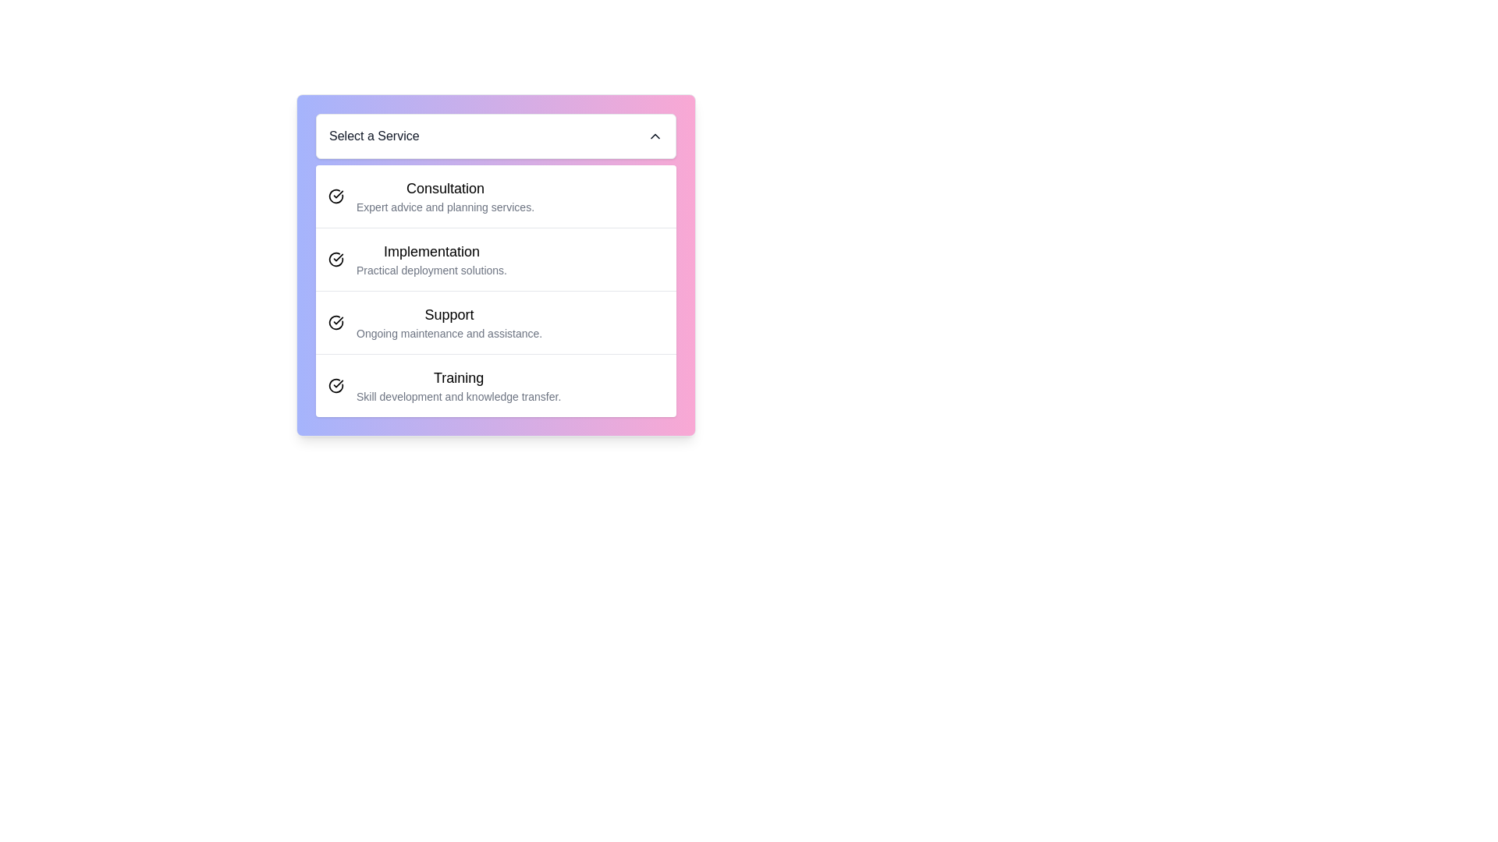  What do you see at coordinates (495, 258) in the screenshot?
I see `the second Menu/List Item labeled 'Implementation' which contains a black text label and an icon depicting a circular arrow with a checkmark` at bounding box center [495, 258].